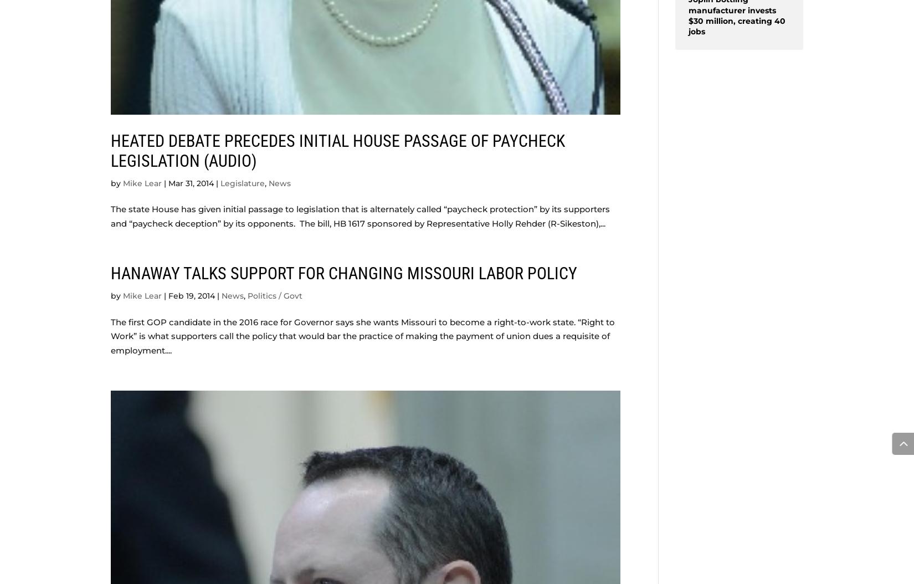 The image size is (914, 584). Describe the element at coordinates (191, 183) in the screenshot. I see `'Mar 31, 2014'` at that location.